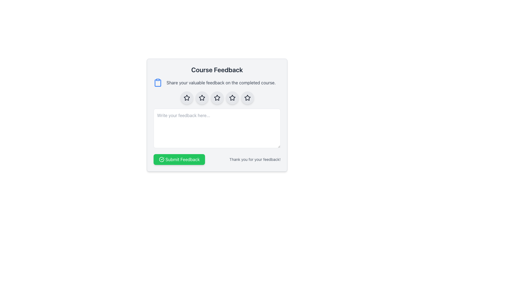  What do you see at coordinates (201, 98) in the screenshot?
I see `the second star in the horizontal row of five stars` at bounding box center [201, 98].